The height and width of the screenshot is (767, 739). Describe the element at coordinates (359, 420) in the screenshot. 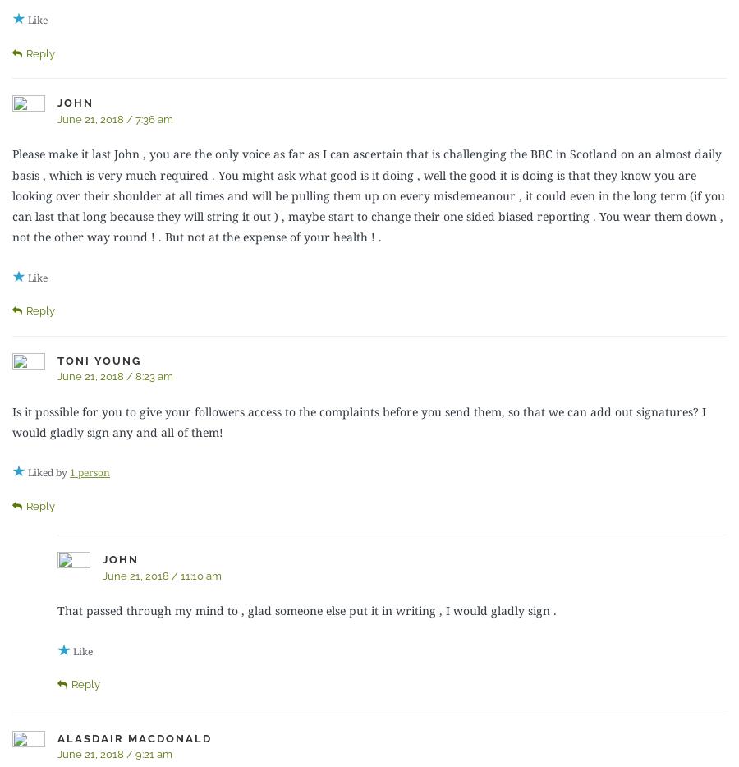

I see `'Is it possible for you to give your followers access to the complaints before you send them, so that we can add out signatures? I would gladly sign any and all of them!'` at that location.